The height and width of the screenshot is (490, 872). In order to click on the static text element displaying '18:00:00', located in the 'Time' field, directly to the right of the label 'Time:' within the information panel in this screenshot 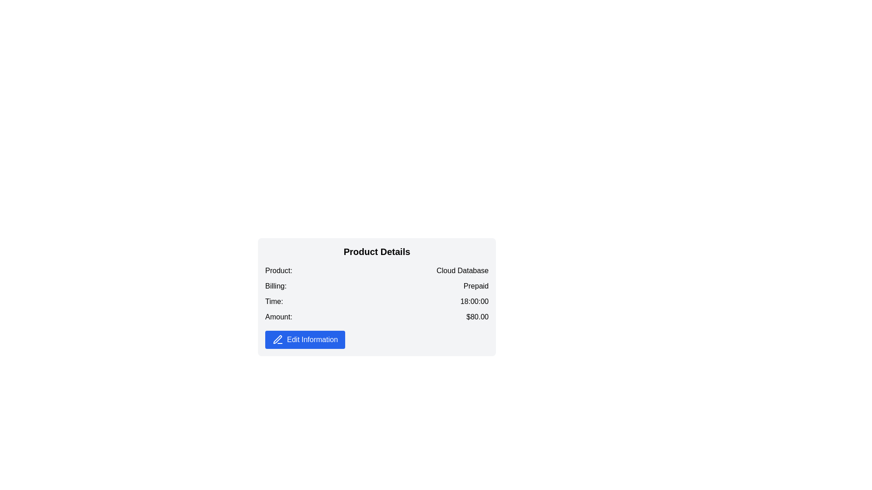, I will do `click(474, 302)`.